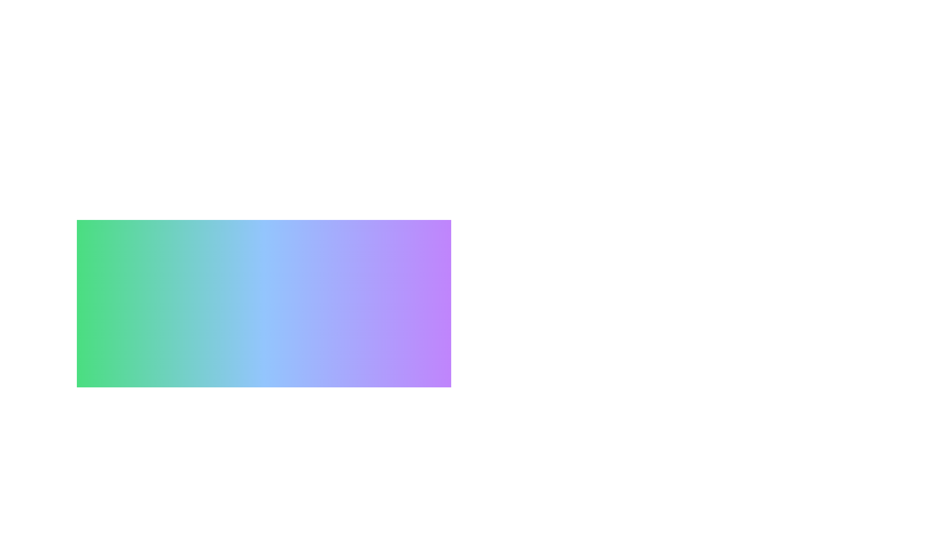 This screenshot has height=535, width=952. I want to click on the preference Gaming to observe visual feedback, so click(187, 484).